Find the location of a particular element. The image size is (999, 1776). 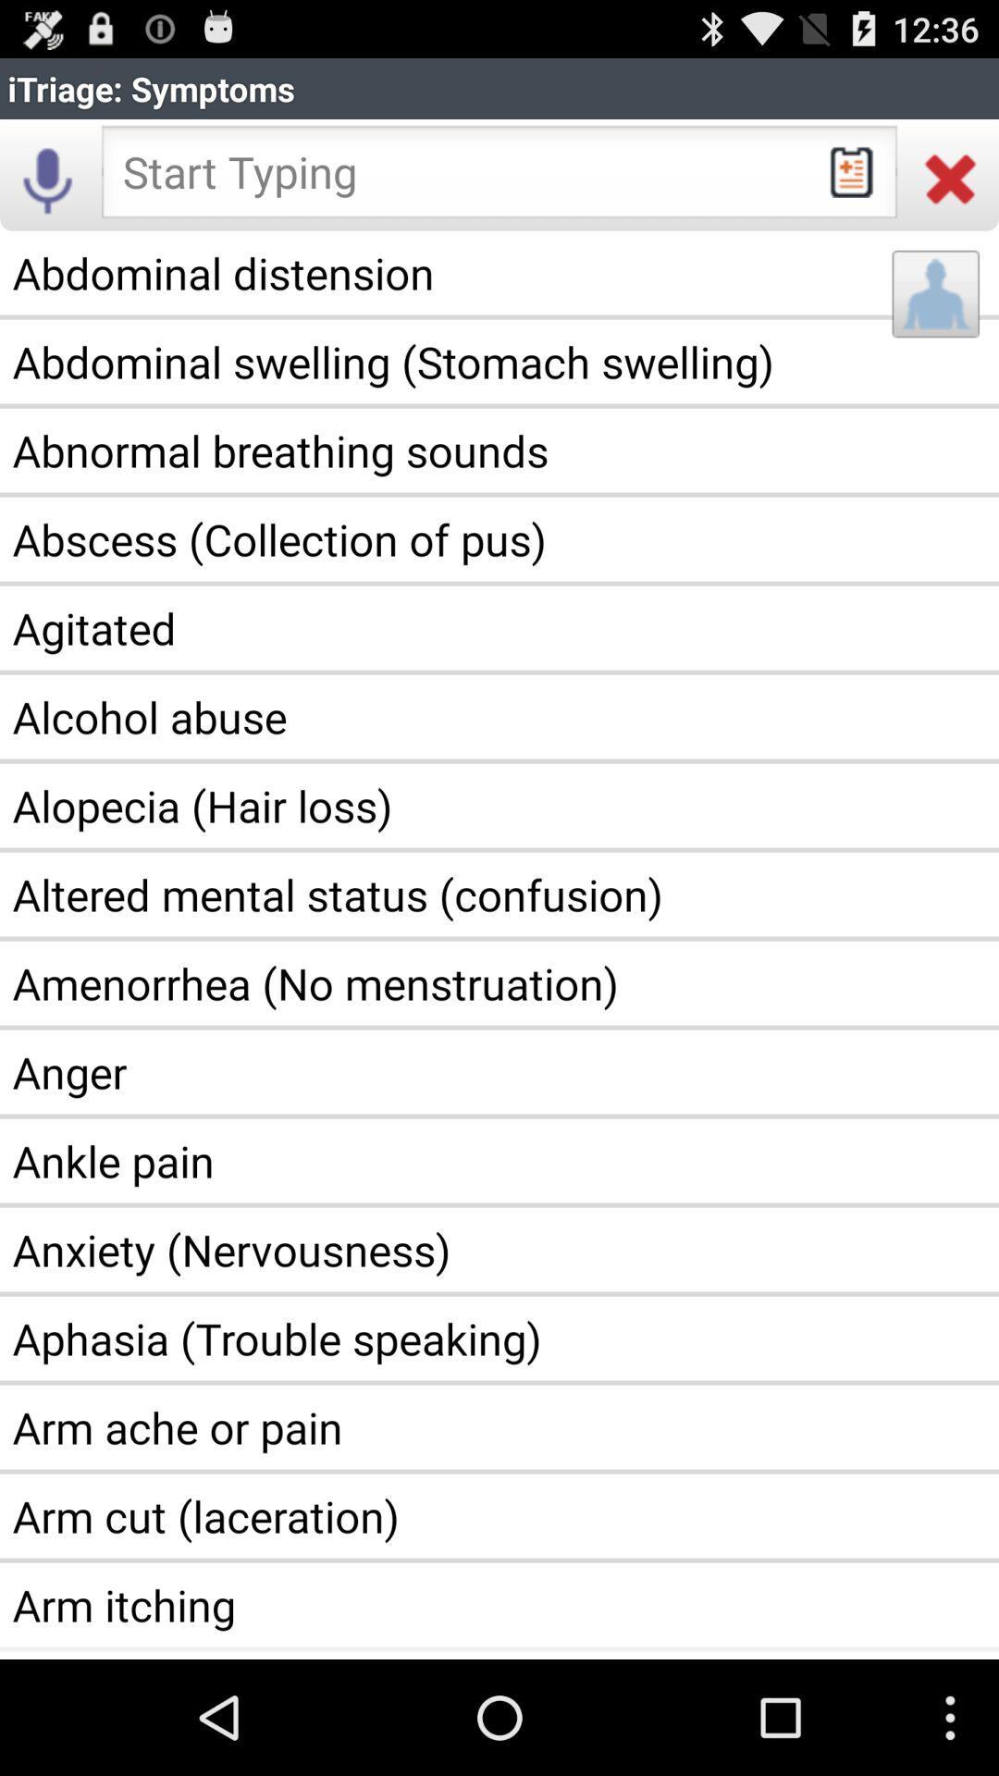

the abnormal breathing sounds is located at coordinates (499, 450).